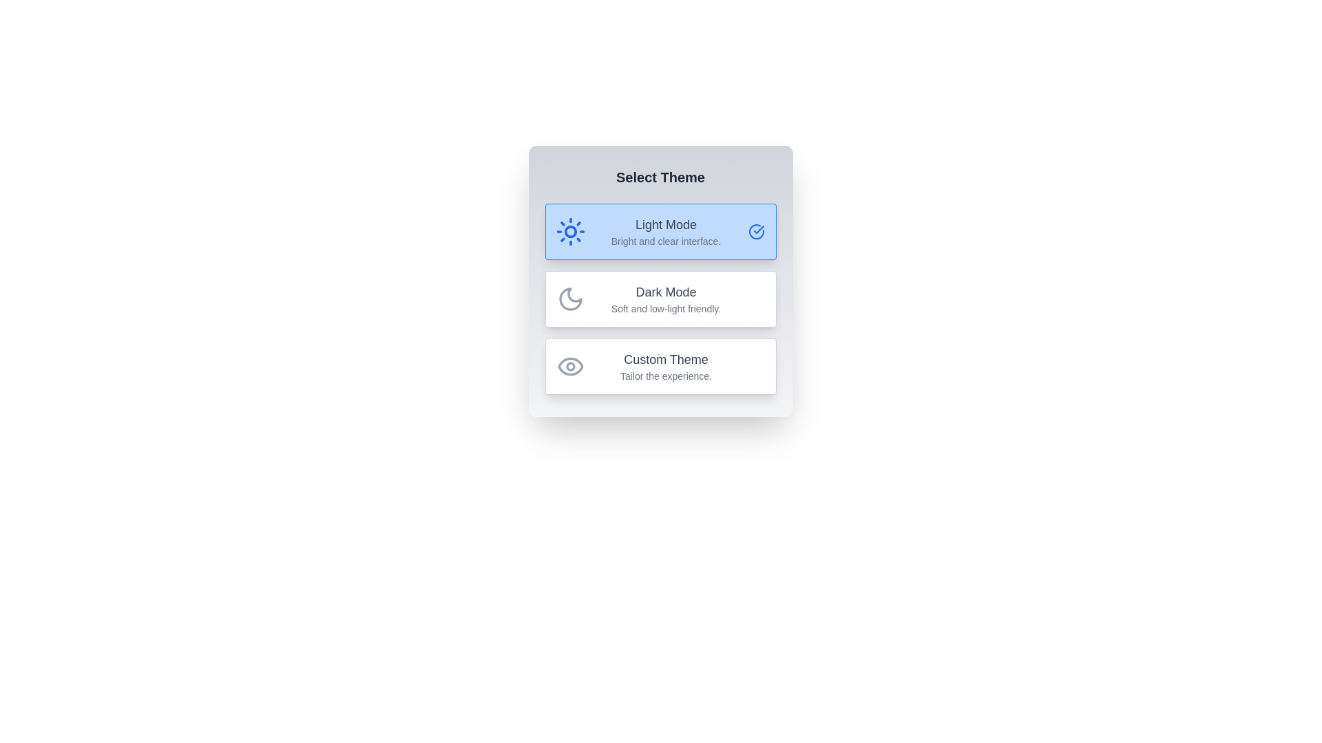  Describe the element at coordinates (666, 241) in the screenshot. I see `the text label that reads 'Bright and clear interface.' located below the 'Light Mode' text in the light blue section` at that location.